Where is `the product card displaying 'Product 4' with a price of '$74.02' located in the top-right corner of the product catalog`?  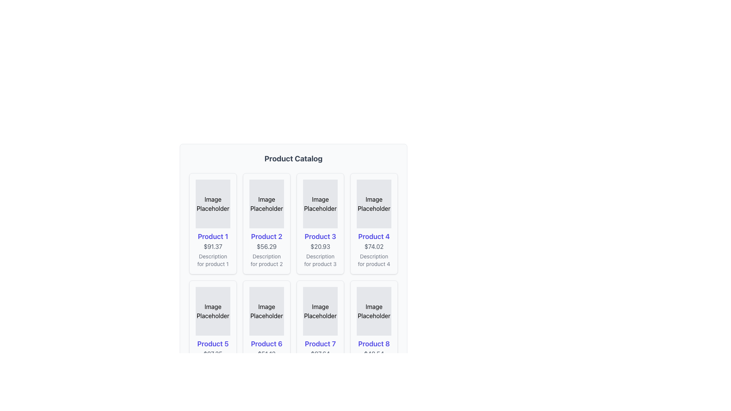 the product card displaying 'Product 4' with a price of '$74.02' located in the top-right corner of the product catalog is located at coordinates (374, 223).